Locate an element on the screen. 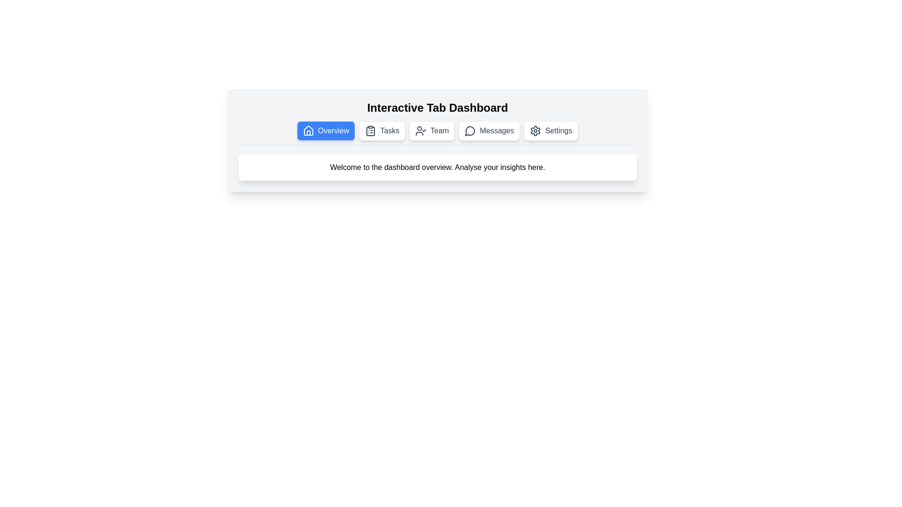  the settings button, which is the last tab in the horizontal list at the top center of the interface, to trigger hover styling is located at coordinates (551, 131).